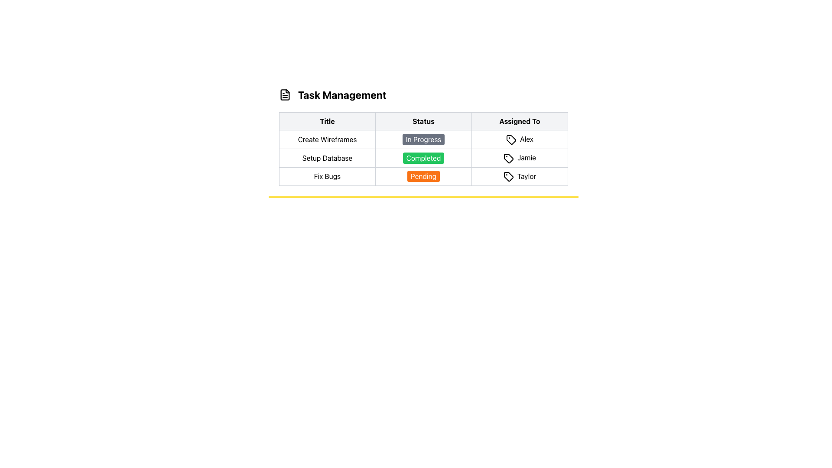 This screenshot has width=832, height=468. I want to click on the icon indicating the status associated with 'Alex' in the 'Assigned To' column of the 'Create Wireframes' row, so click(511, 139).